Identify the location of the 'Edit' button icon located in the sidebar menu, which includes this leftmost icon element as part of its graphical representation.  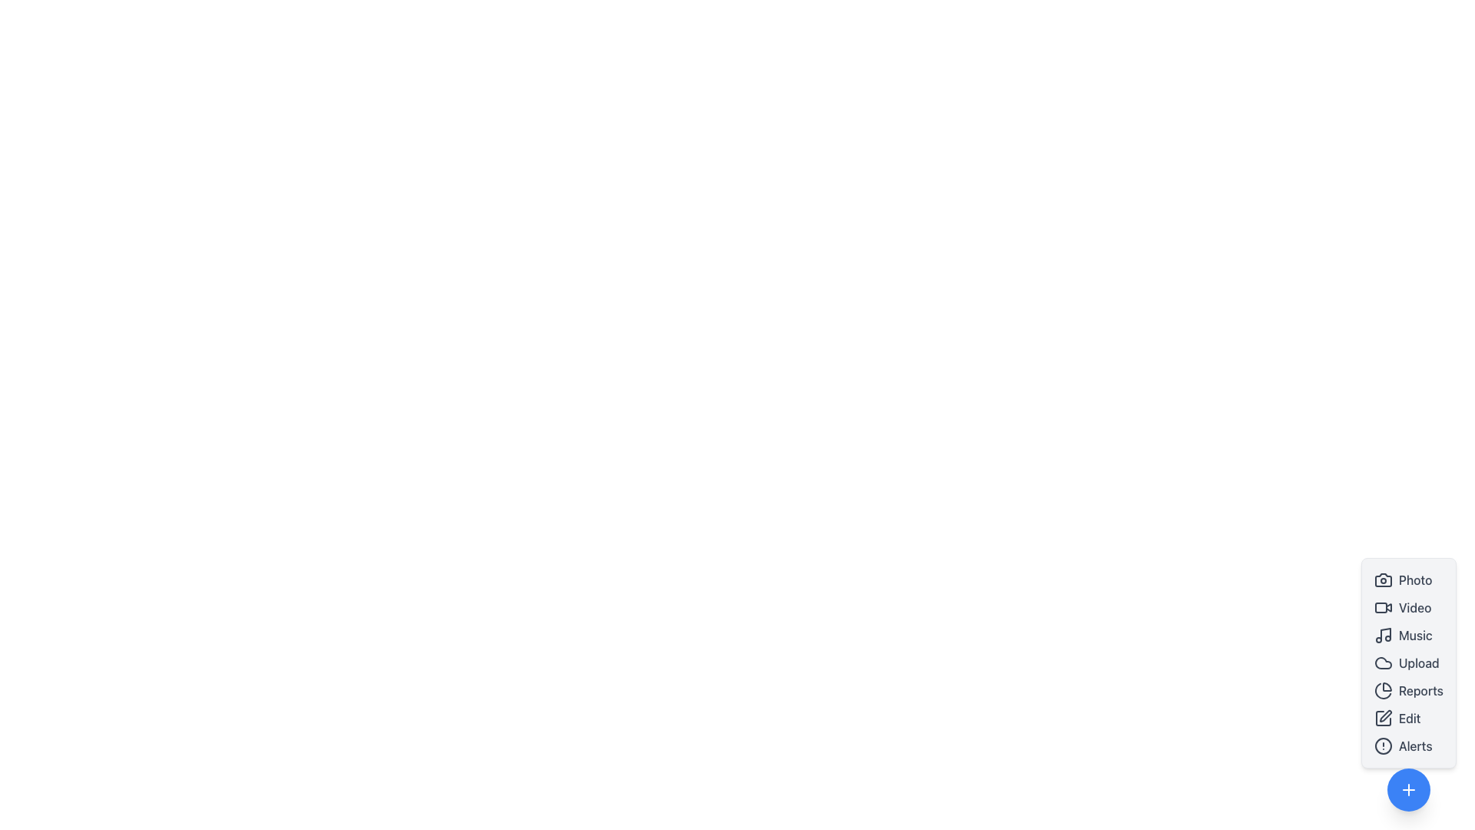
(1383, 718).